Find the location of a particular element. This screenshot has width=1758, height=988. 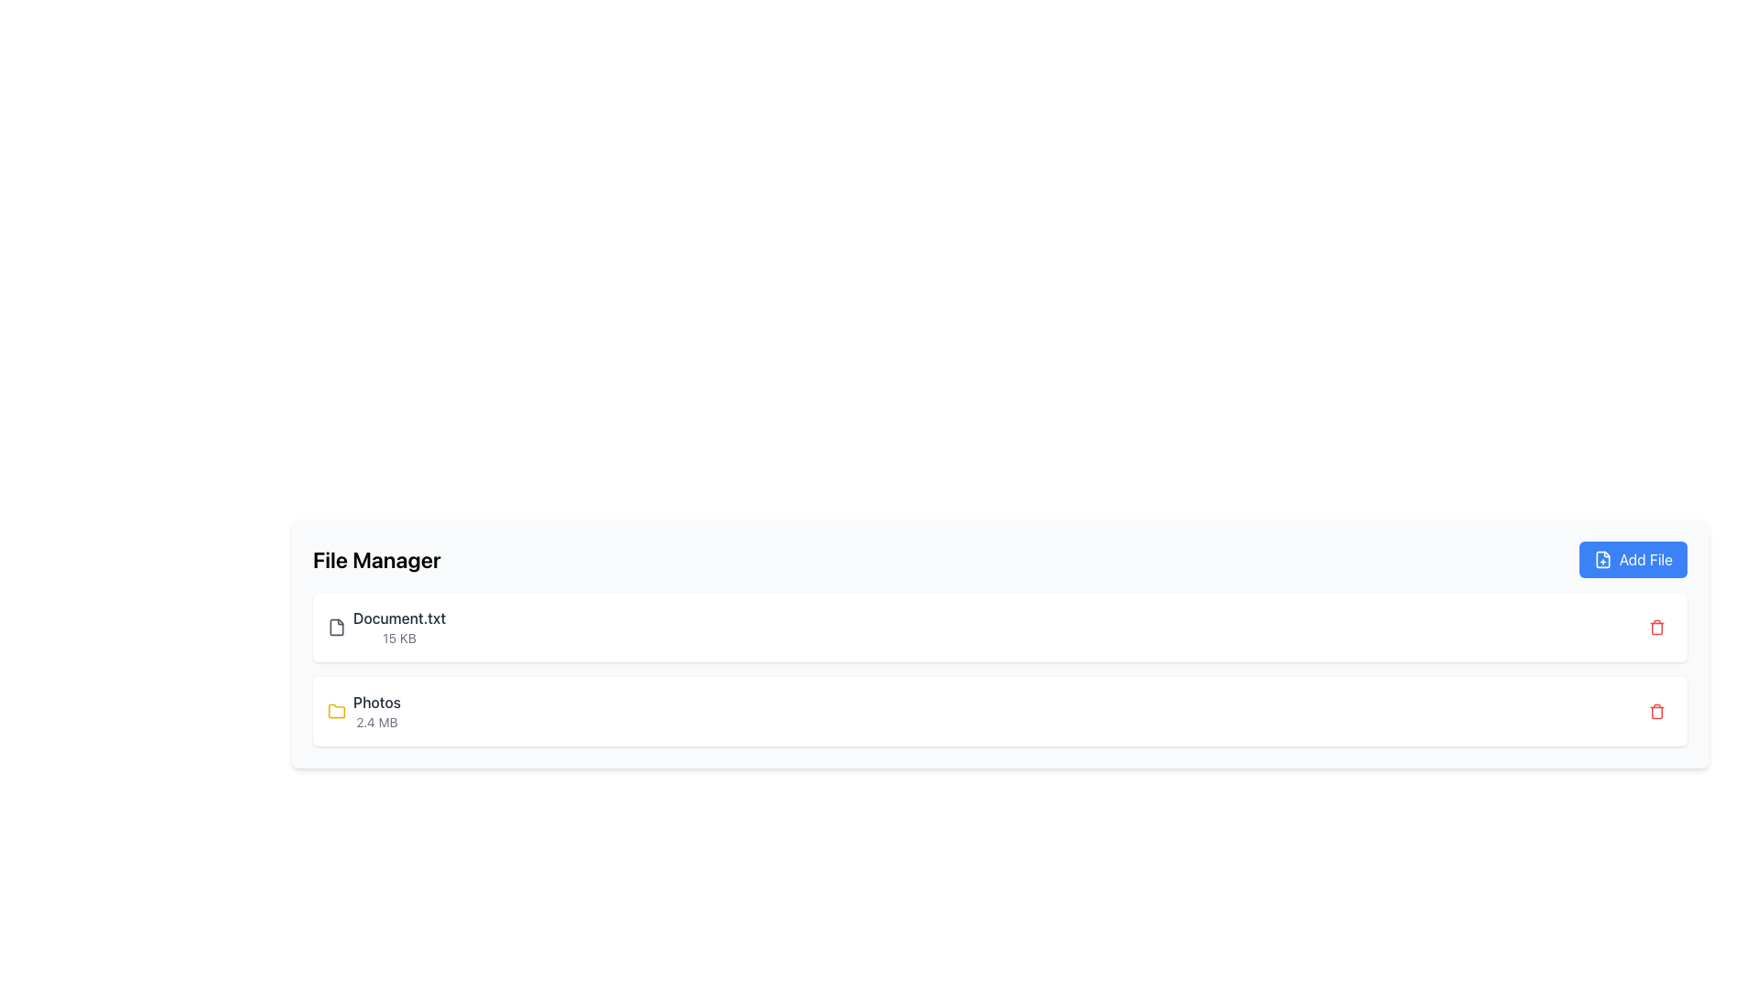

the yellow outlined folder icon located adjacent to the entry labeled 'Photos 2.4 MB' in the file manager interface is located at coordinates (337, 709).